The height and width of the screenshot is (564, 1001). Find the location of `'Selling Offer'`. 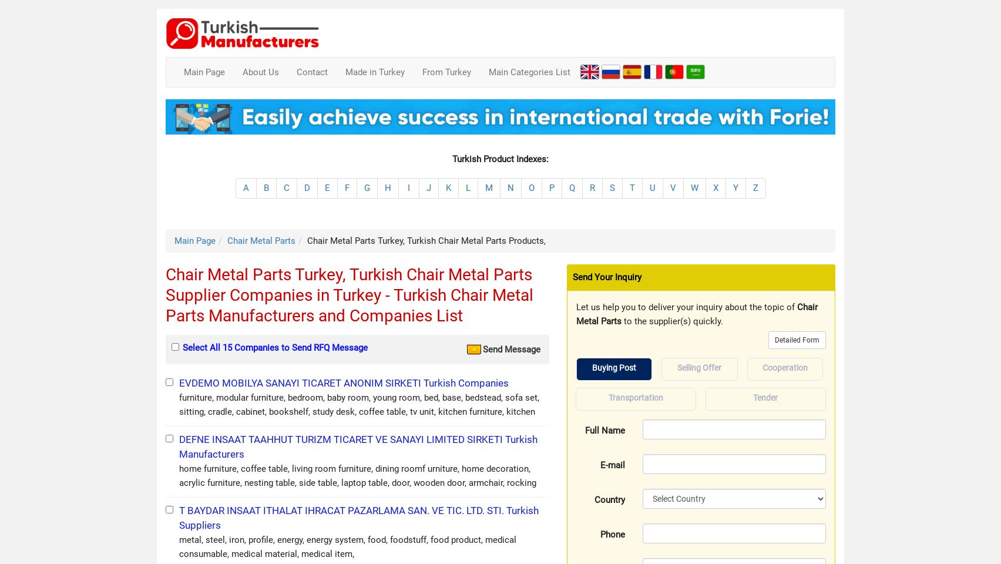

'Selling Offer' is located at coordinates (698, 367).